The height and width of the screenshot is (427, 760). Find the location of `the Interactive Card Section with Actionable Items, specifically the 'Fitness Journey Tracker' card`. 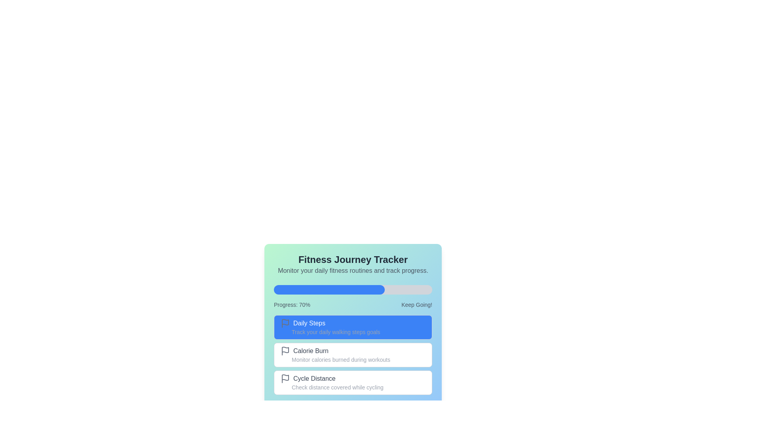

the Interactive Card Section with Actionable Items, specifically the 'Fitness Journey Tracker' card is located at coordinates (353, 335).